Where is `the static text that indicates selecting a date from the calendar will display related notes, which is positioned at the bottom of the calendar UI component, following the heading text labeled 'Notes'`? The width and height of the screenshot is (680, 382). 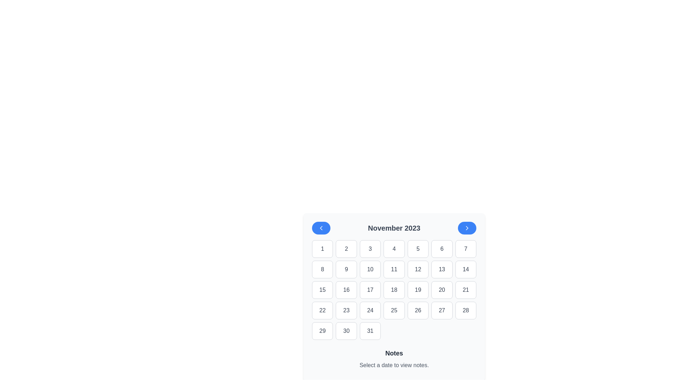 the static text that indicates selecting a date from the calendar will display related notes, which is positioned at the bottom of the calendar UI component, following the heading text labeled 'Notes' is located at coordinates (394, 365).